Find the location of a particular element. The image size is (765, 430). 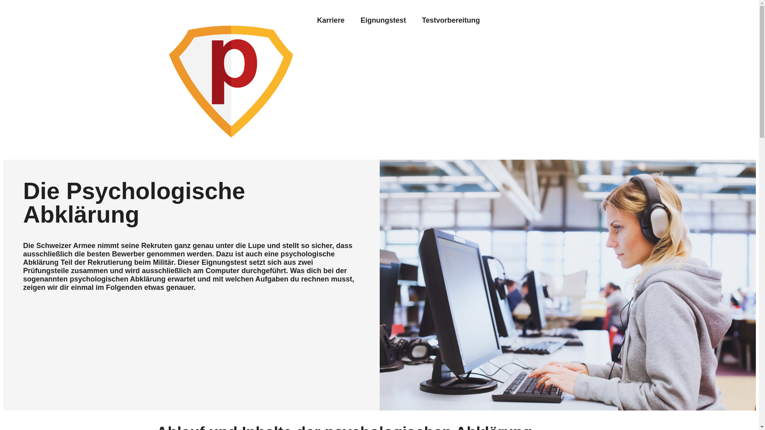

'Testvorbereitung' is located at coordinates (451, 20).